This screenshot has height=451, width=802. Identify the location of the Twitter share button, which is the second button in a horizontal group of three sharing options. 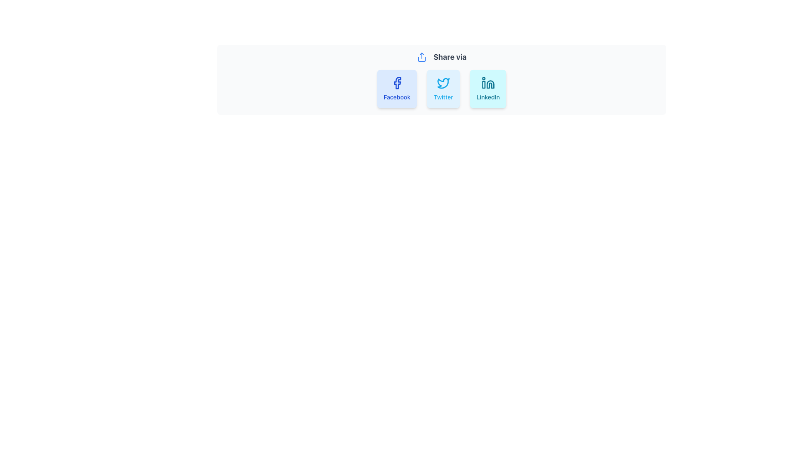
(441, 89).